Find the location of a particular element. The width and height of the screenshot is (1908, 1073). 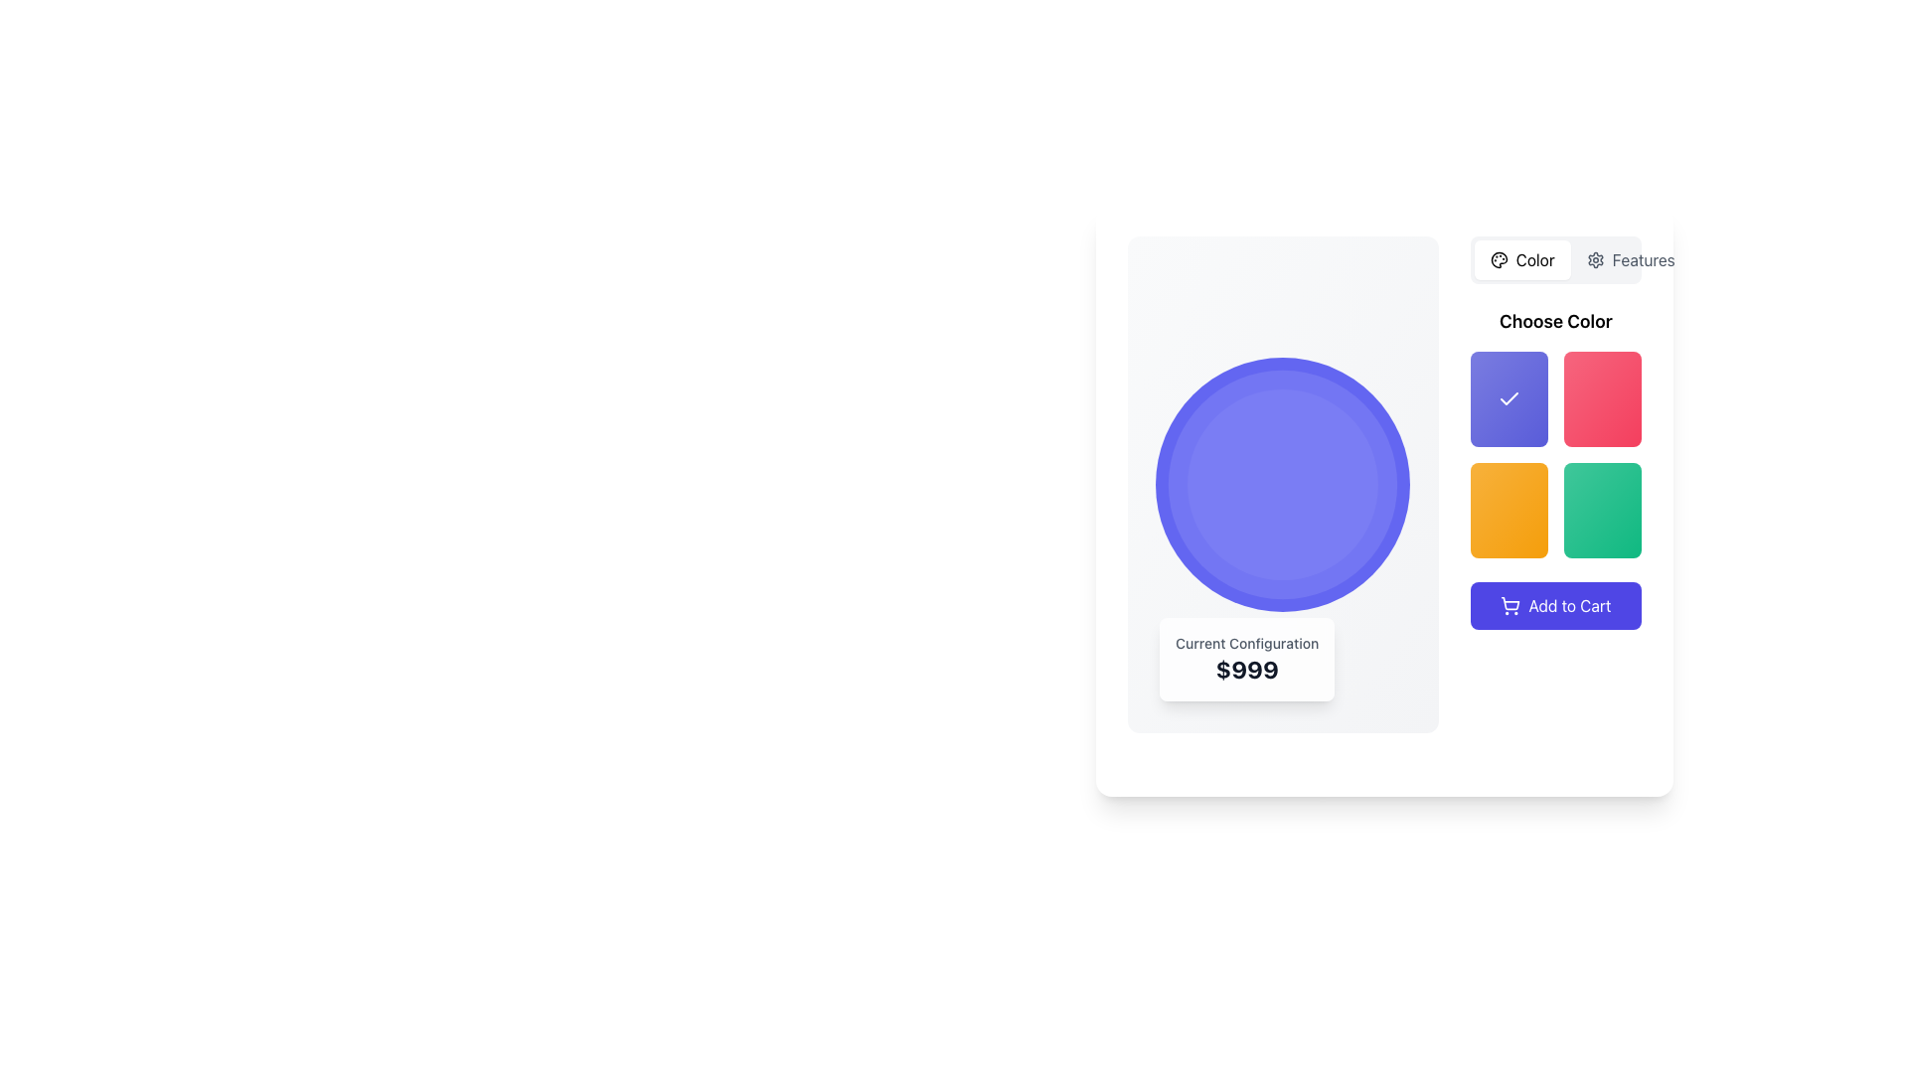

the text label that reads 'Color', which is styled in black on a white background and positioned to the right of a palette icon in the top right section of the interface is located at coordinates (1534, 259).